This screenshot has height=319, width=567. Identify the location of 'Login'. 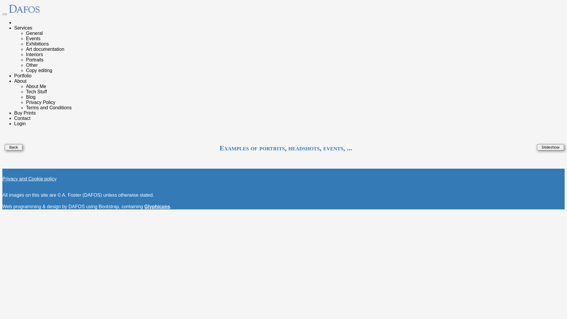
(20, 123).